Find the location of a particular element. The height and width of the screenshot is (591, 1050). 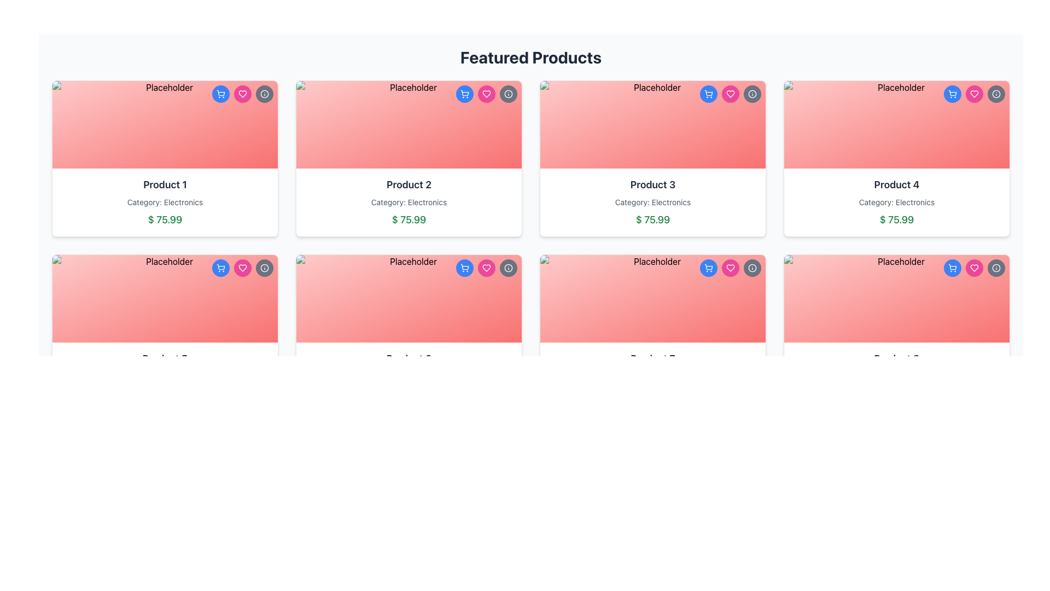

the price text '$ 75.99' displayed in a large, bold green font beneath 'Category: Electronics' in the 'Product 2' card is located at coordinates (409, 219).